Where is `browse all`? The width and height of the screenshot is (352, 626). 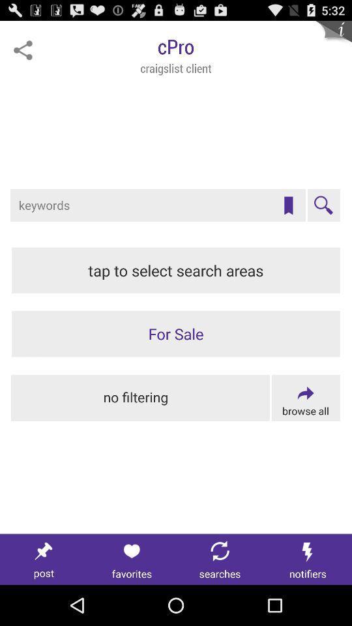
browse all is located at coordinates (306, 397).